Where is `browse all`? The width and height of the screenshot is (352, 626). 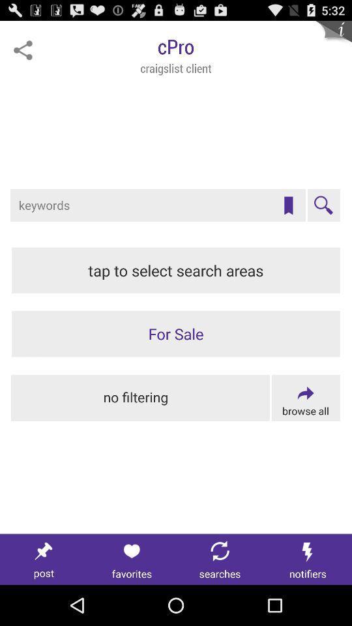
browse all is located at coordinates (306, 397).